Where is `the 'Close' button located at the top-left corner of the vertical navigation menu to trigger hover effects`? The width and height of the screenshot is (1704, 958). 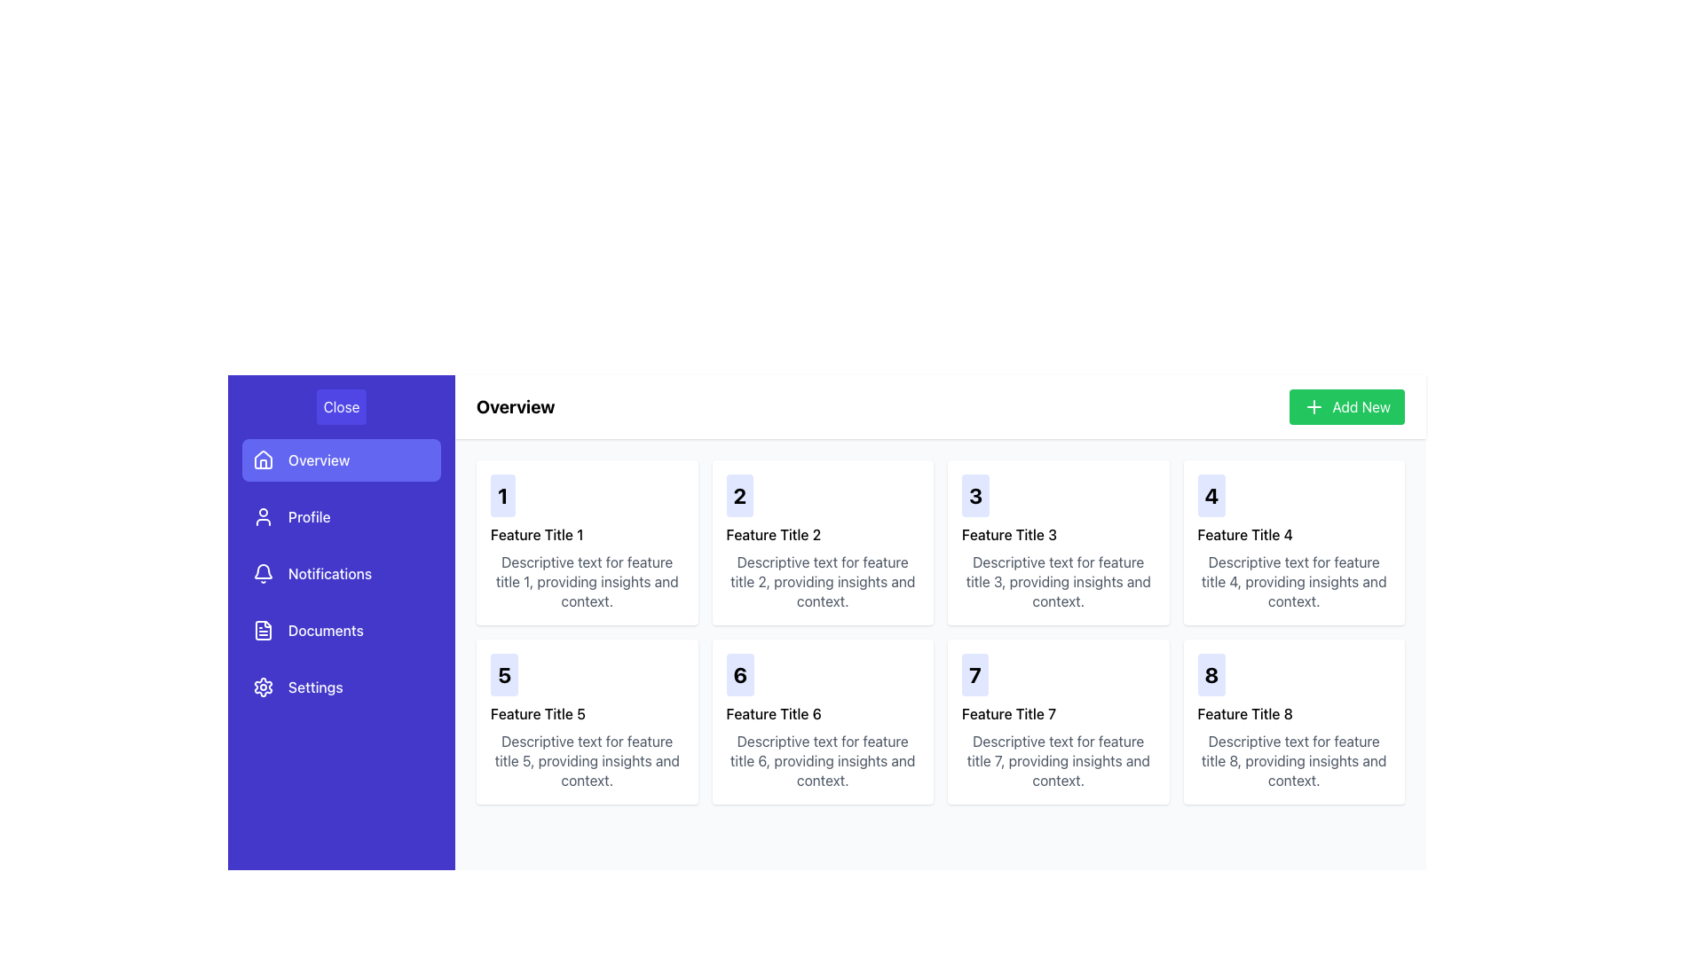 the 'Close' button located at the top-left corner of the vertical navigation menu to trigger hover effects is located at coordinates (341, 407).